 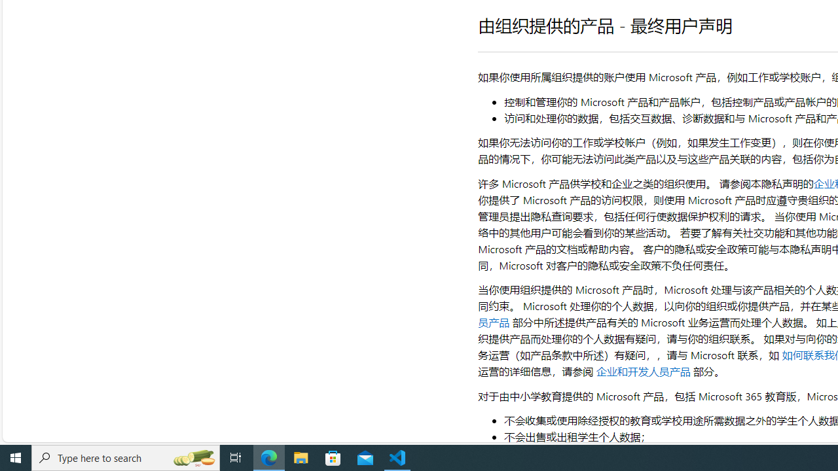 I want to click on 'Microsoft Edge - 1 running window', so click(x=268, y=457).